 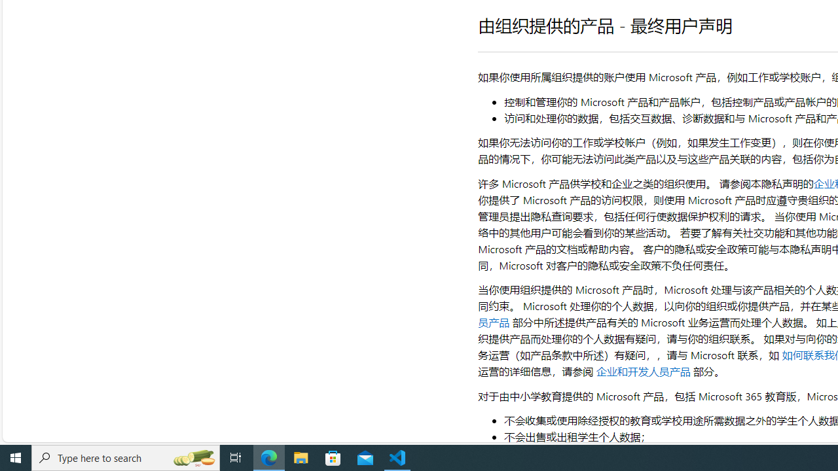 I want to click on 'Microsoft Edge - 1 running window', so click(x=268, y=457).